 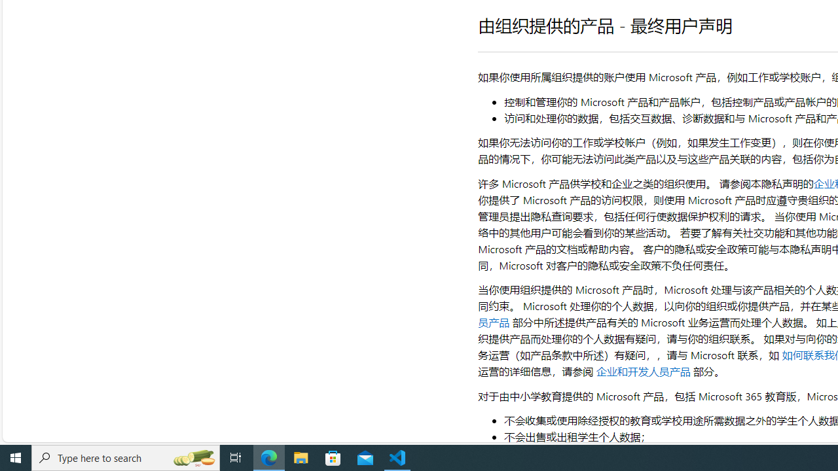 I want to click on 'Microsoft Edge - 1 running window', so click(x=268, y=457).